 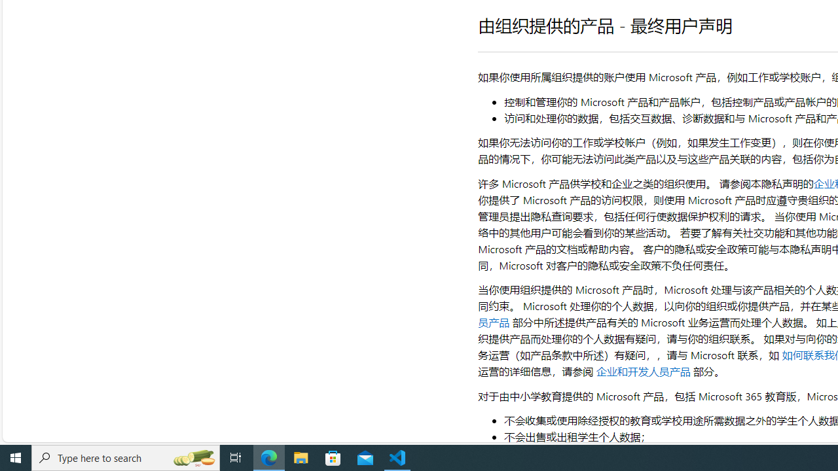 I want to click on 'Microsoft Edge - 1 running window', so click(x=268, y=457).